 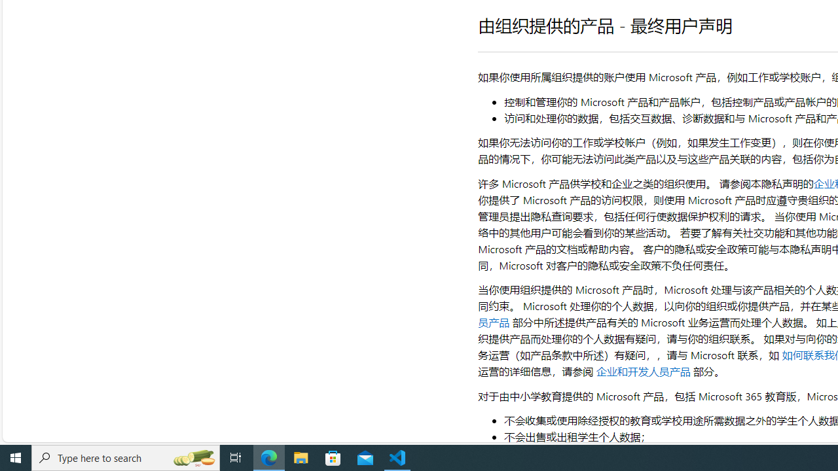 I want to click on 'Microsoft Edge - 1 running window', so click(x=268, y=457).